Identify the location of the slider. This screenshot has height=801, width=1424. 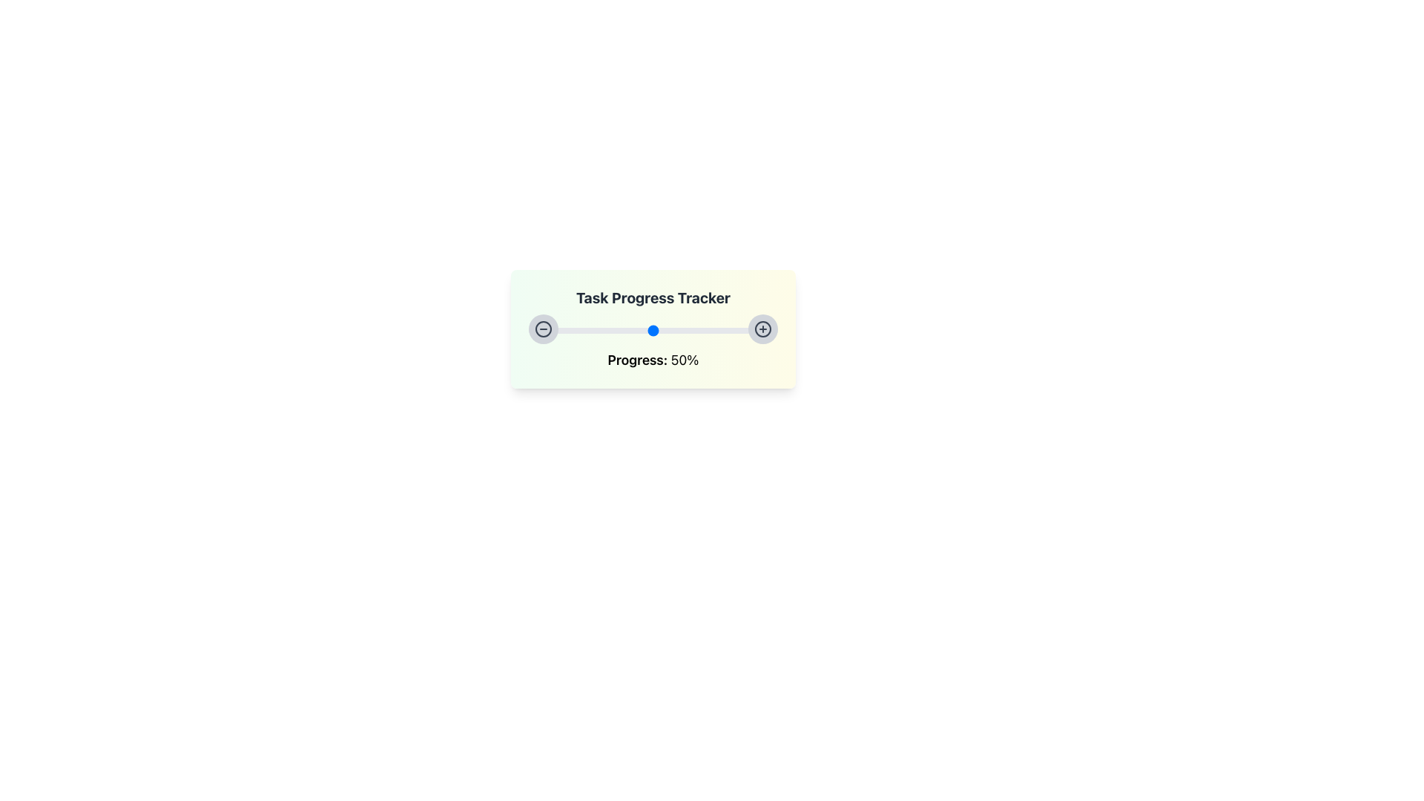
(587, 330).